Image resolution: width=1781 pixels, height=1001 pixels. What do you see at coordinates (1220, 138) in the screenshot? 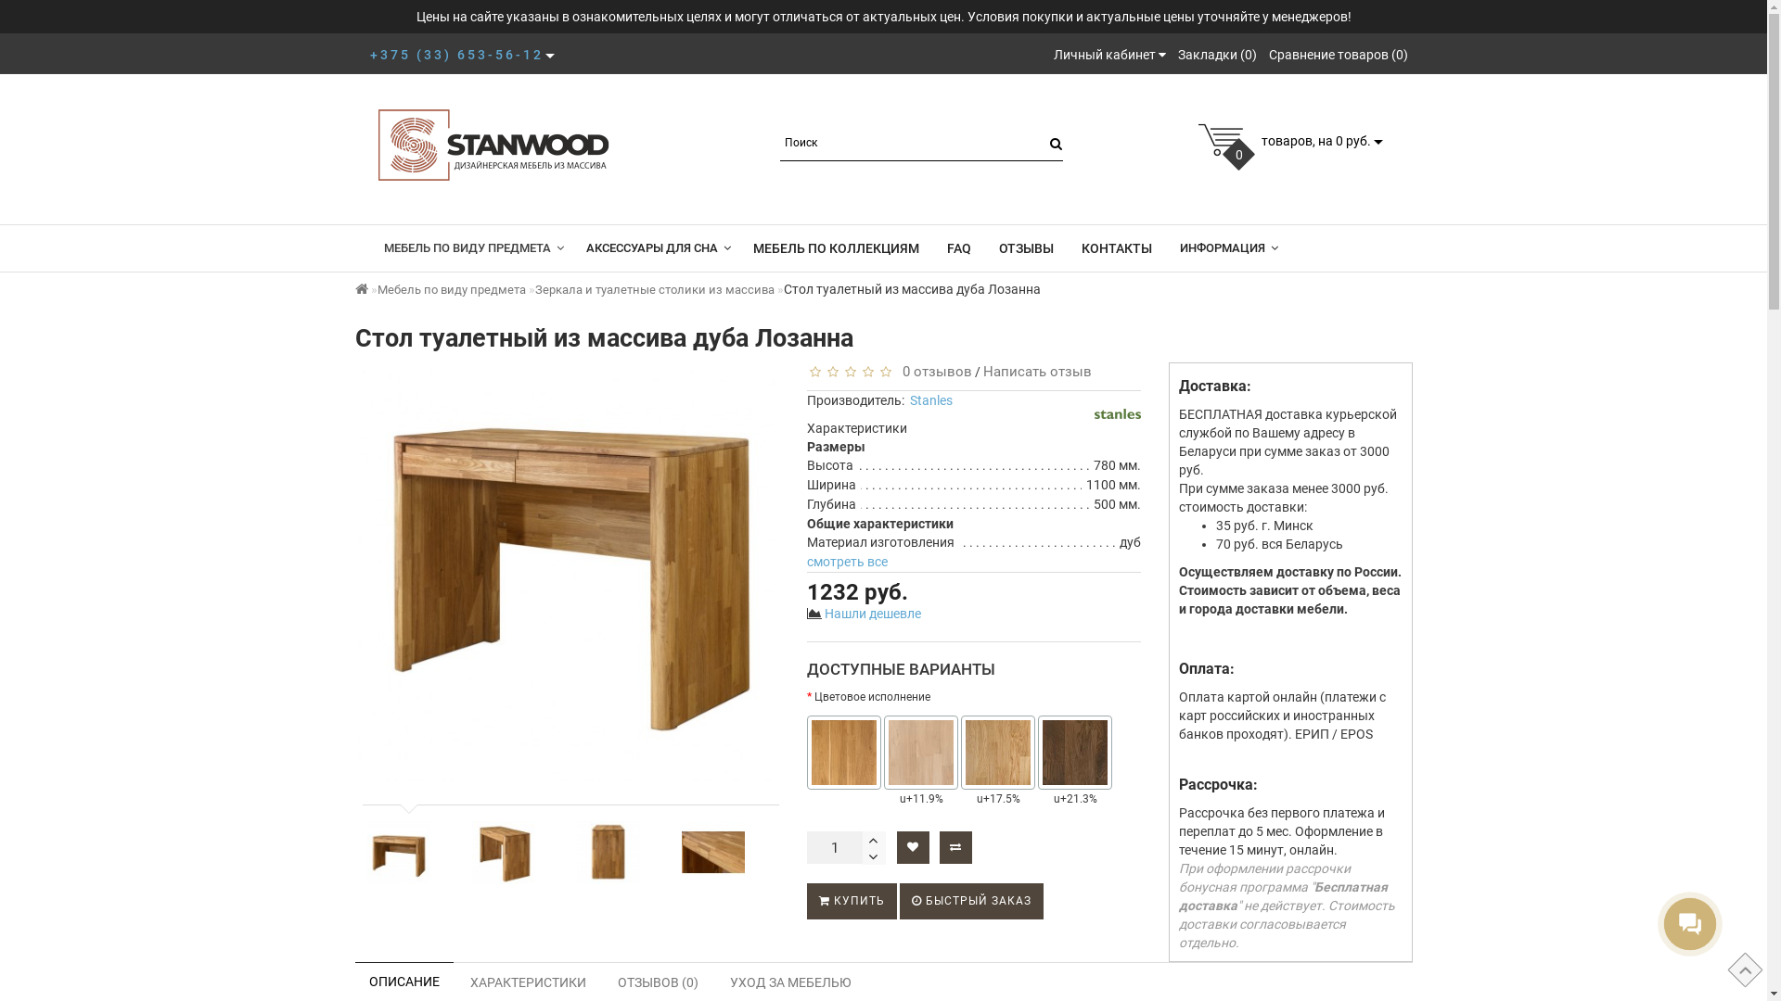
I see `'cart'` at bounding box center [1220, 138].